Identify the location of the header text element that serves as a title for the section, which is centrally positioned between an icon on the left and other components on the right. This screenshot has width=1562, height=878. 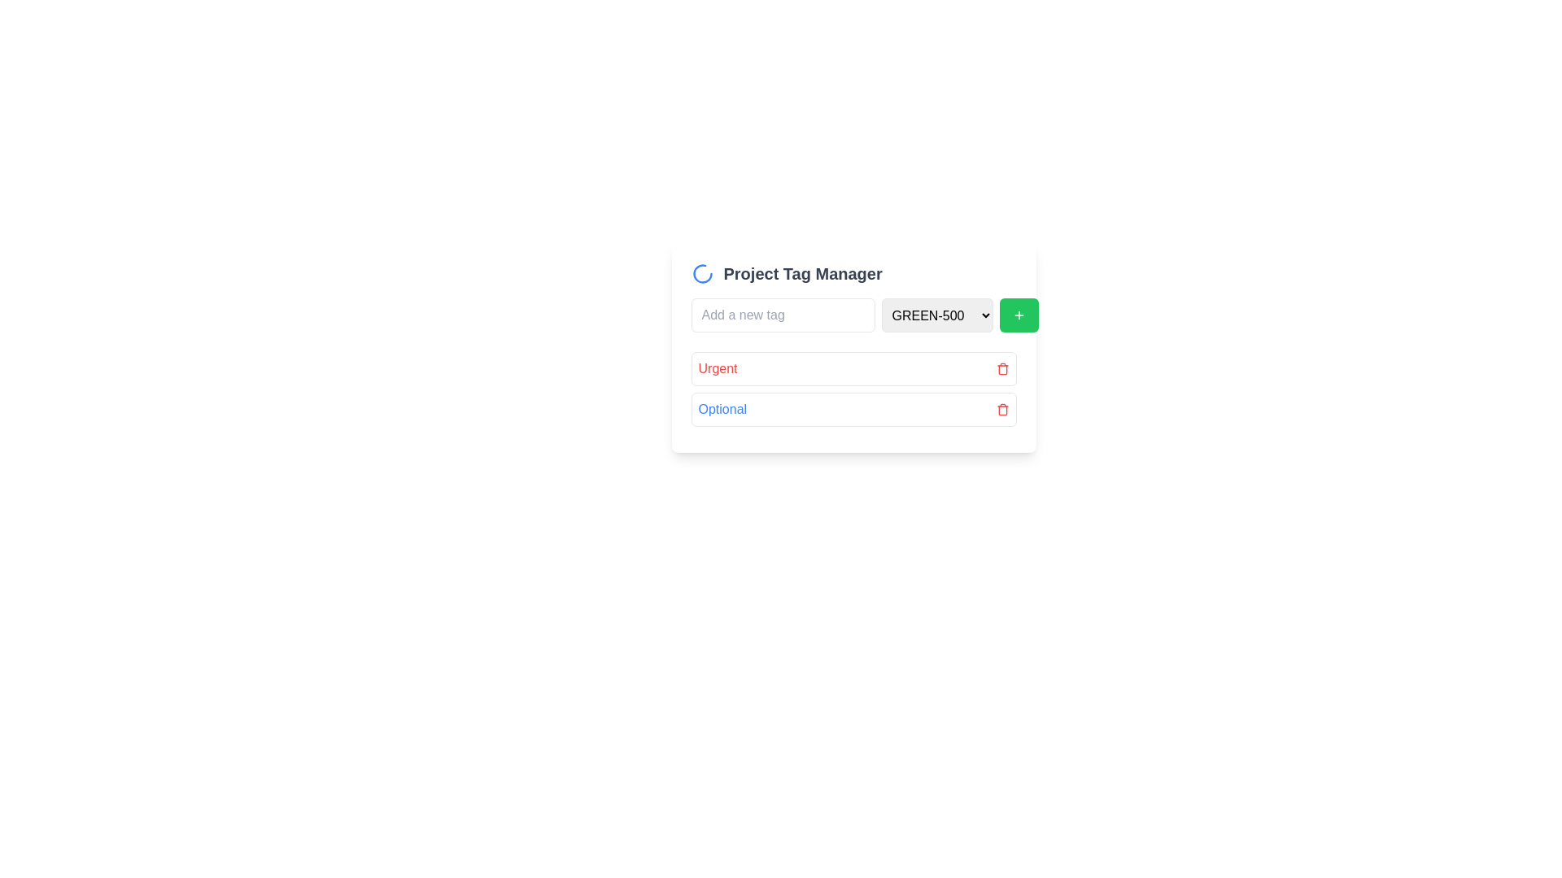
(803, 272).